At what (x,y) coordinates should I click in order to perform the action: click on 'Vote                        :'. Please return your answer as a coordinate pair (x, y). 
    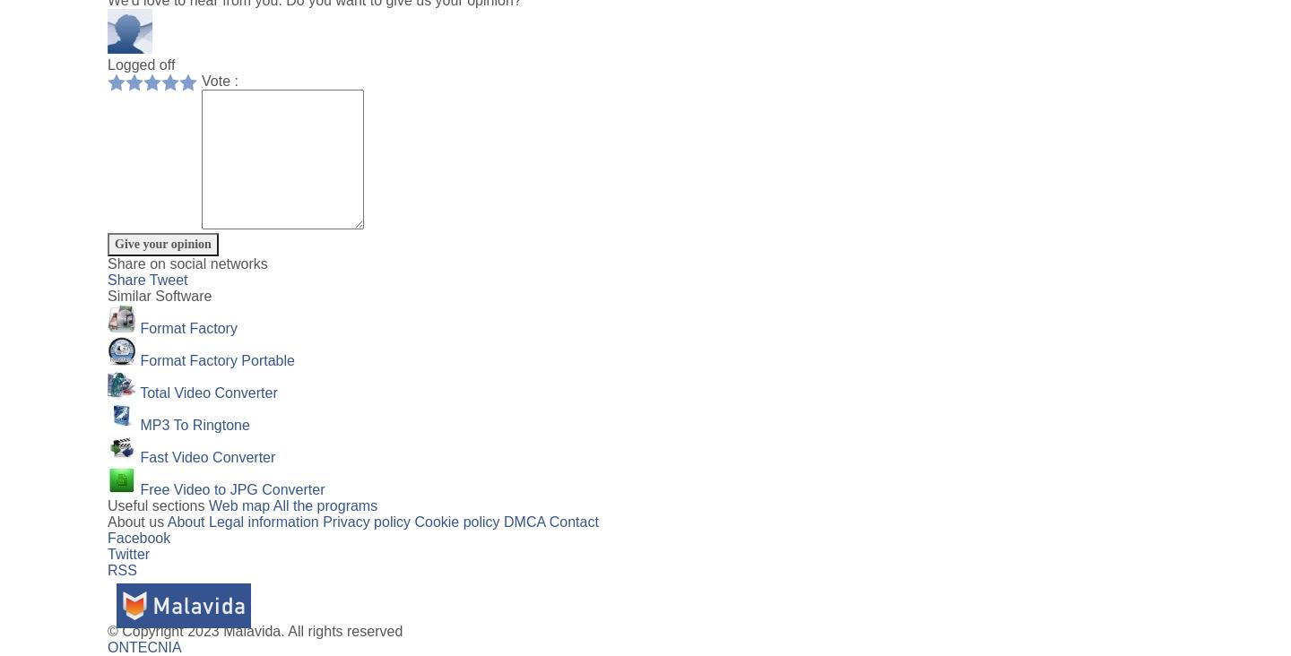
    Looking at the image, I should click on (218, 80).